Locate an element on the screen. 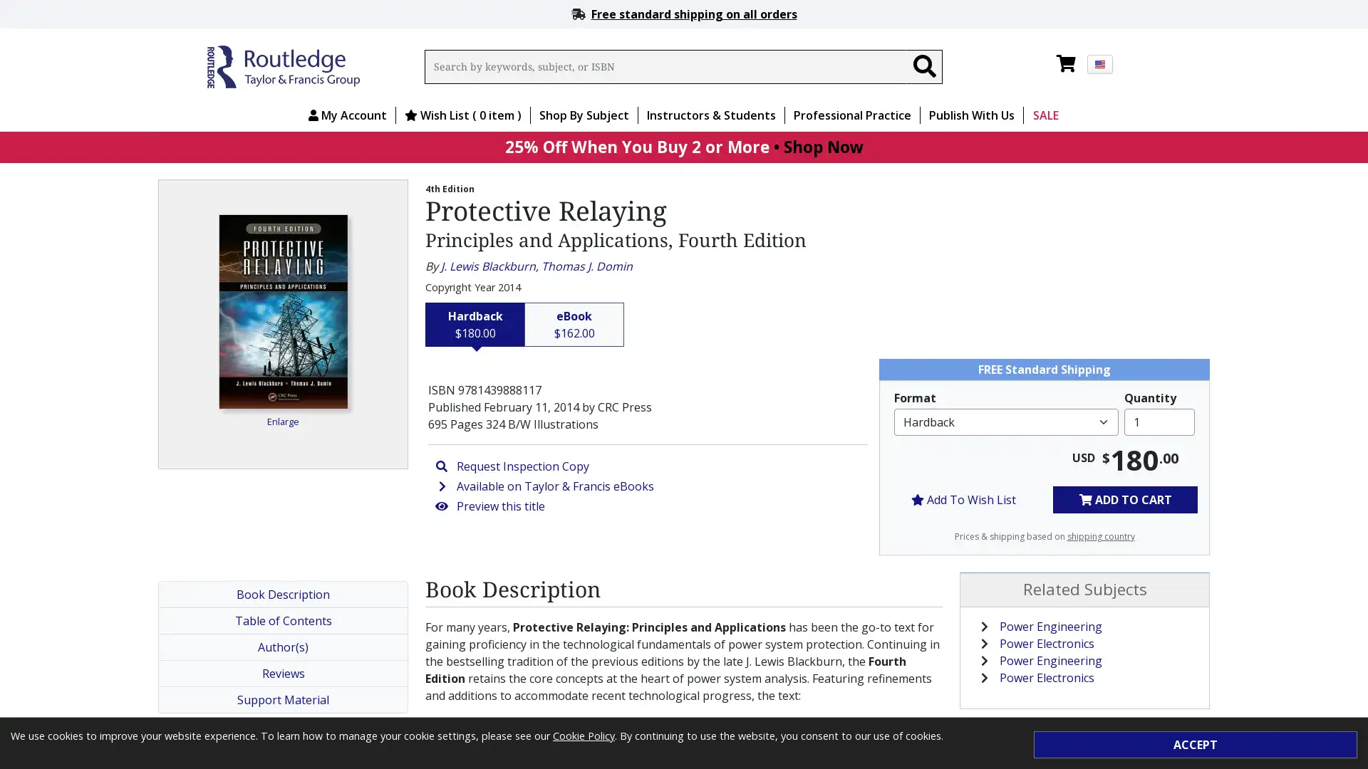 The image size is (1368, 769). ADD TO CART is located at coordinates (1124, 498).